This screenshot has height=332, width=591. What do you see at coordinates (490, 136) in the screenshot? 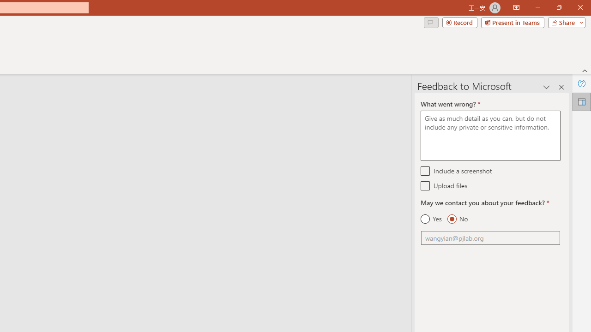
I see `'What went wrong? *'` at bounding box center [490, 136].